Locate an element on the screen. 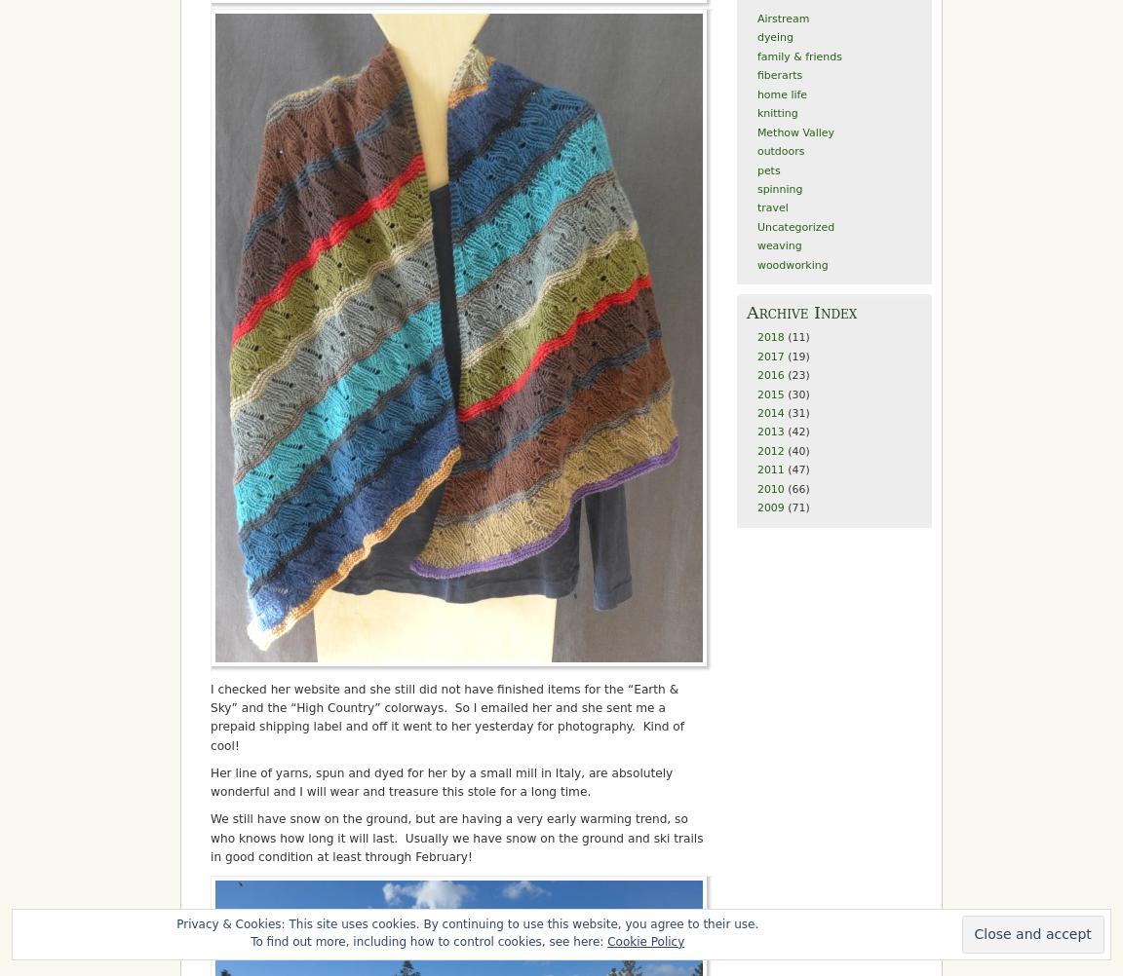 The width and height of the screenshot is (1123, 976). 'weaving' is located at coordinates (779, 244).